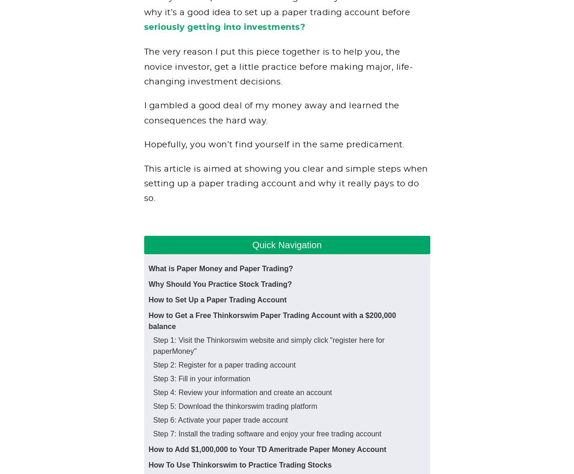  What do you see at coordinates (271, 320) in the screenshot?
I see `'How to Get a Free ﻿Thinkorswim Paper Trading﻿ Account with a $200,000 balance'` at bounding box center [271, 320].